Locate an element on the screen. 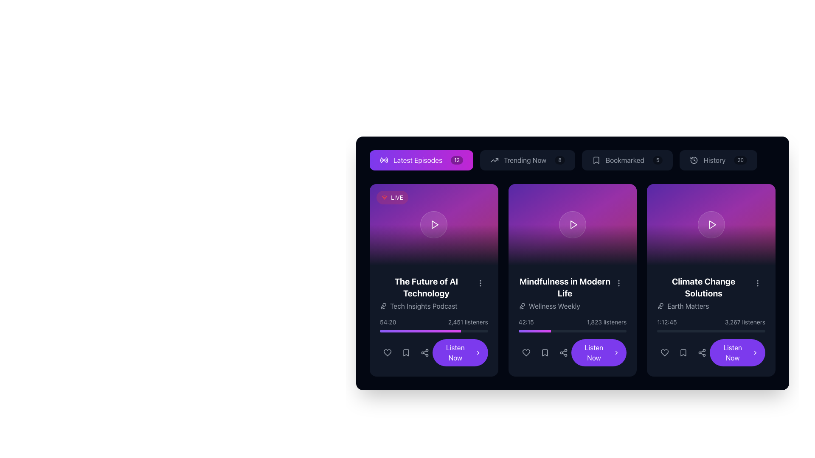  the SVG-based bookmark icon located in the first column below the card title is located at coordinates (405, 353).